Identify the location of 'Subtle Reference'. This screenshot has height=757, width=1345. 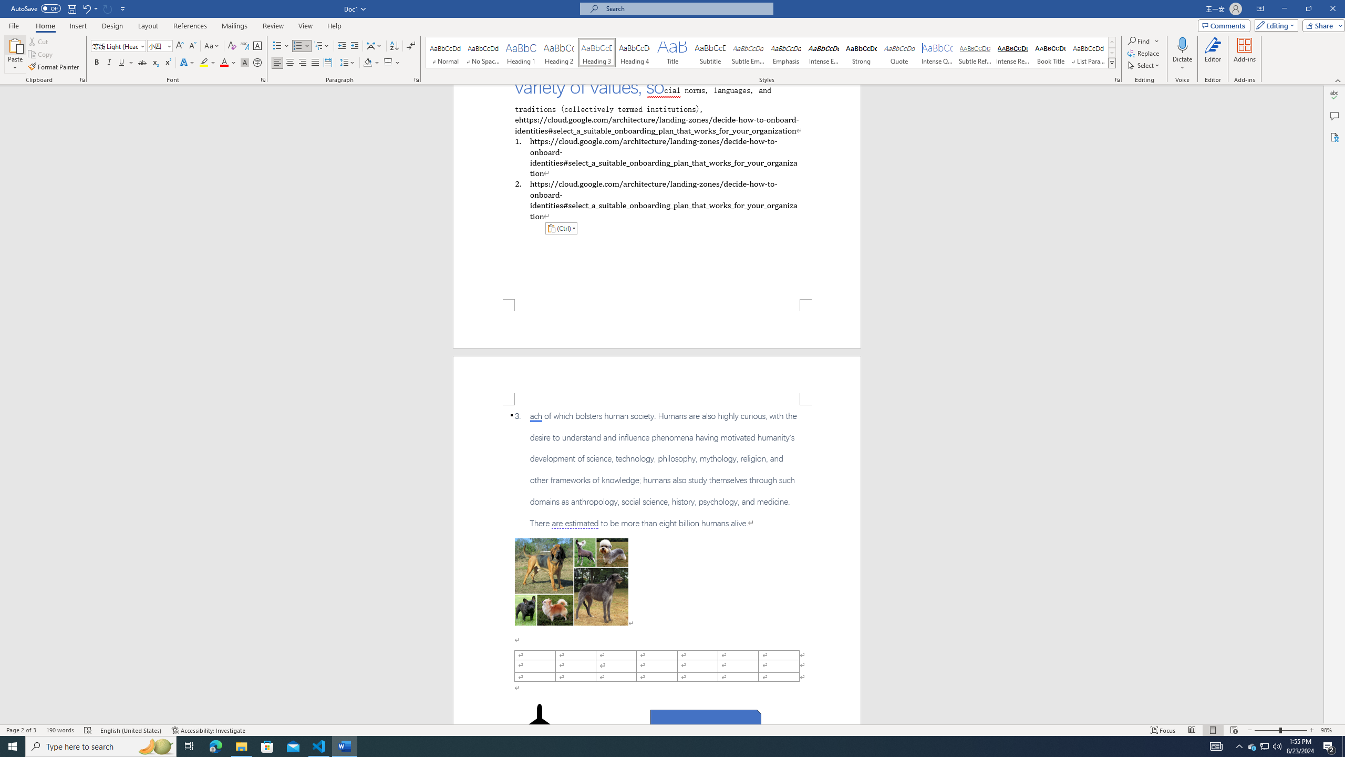
(975, 52).